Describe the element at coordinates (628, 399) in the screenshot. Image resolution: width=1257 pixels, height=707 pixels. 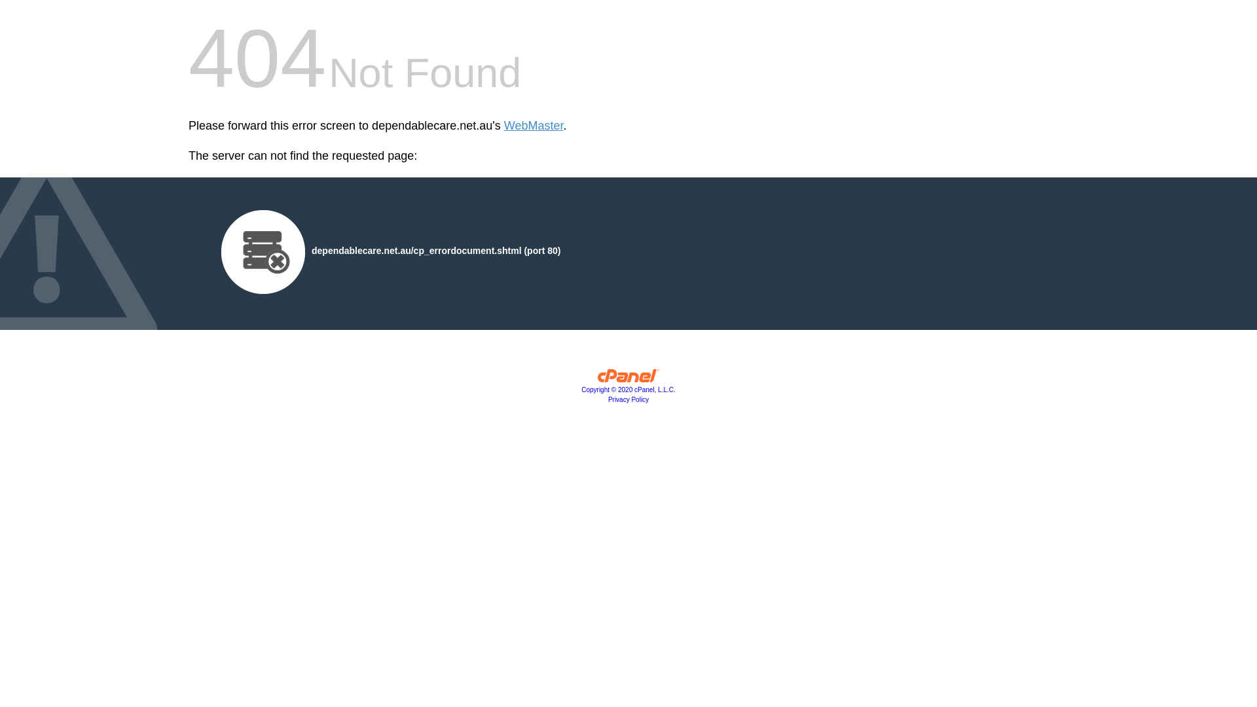
I see `'Privacy Policy'` at that location.